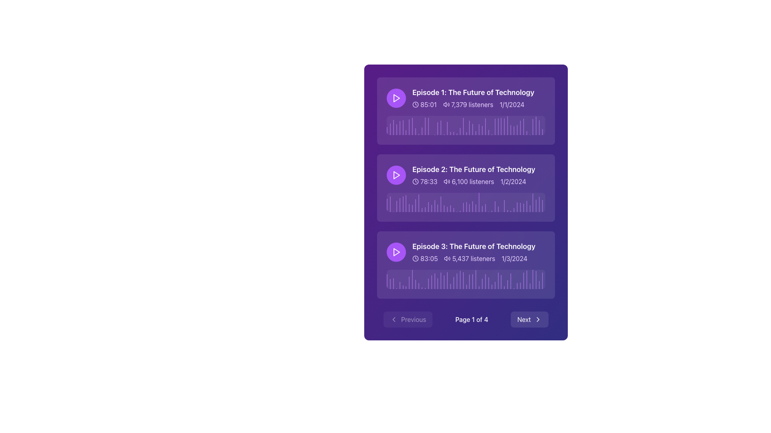 This screenshot has height=433, width=771. I want to click on the position of the visual indicator representing the current playback point in the third episode's audio timeline, so click(498, 280).